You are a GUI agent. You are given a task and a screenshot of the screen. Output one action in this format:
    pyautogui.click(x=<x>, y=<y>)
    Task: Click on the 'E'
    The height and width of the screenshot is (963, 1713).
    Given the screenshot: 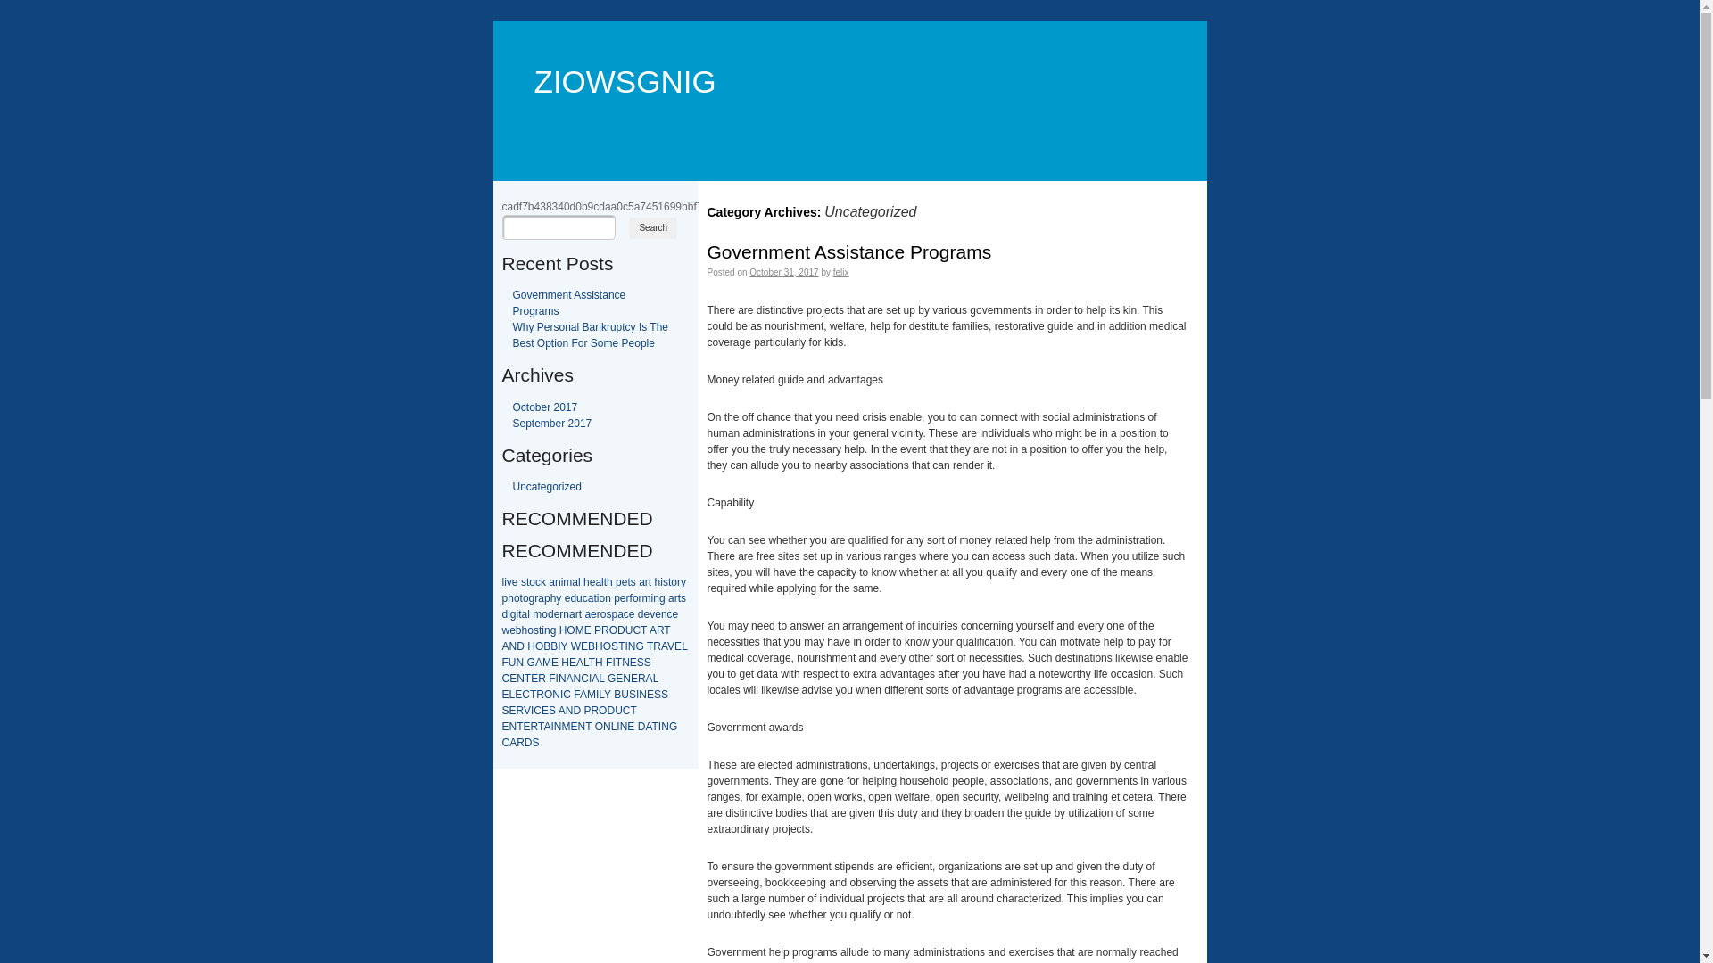 What is the action you would take?
    pyautogui.click(x=540, y=710)
    